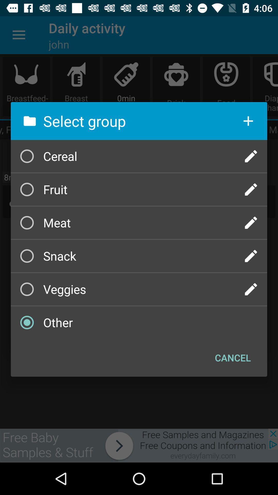 This screenshot has height=495, width=278. Describe the element at coordinates (251, 223) in the screenshot. I see `log what meat is eaten` at that location.